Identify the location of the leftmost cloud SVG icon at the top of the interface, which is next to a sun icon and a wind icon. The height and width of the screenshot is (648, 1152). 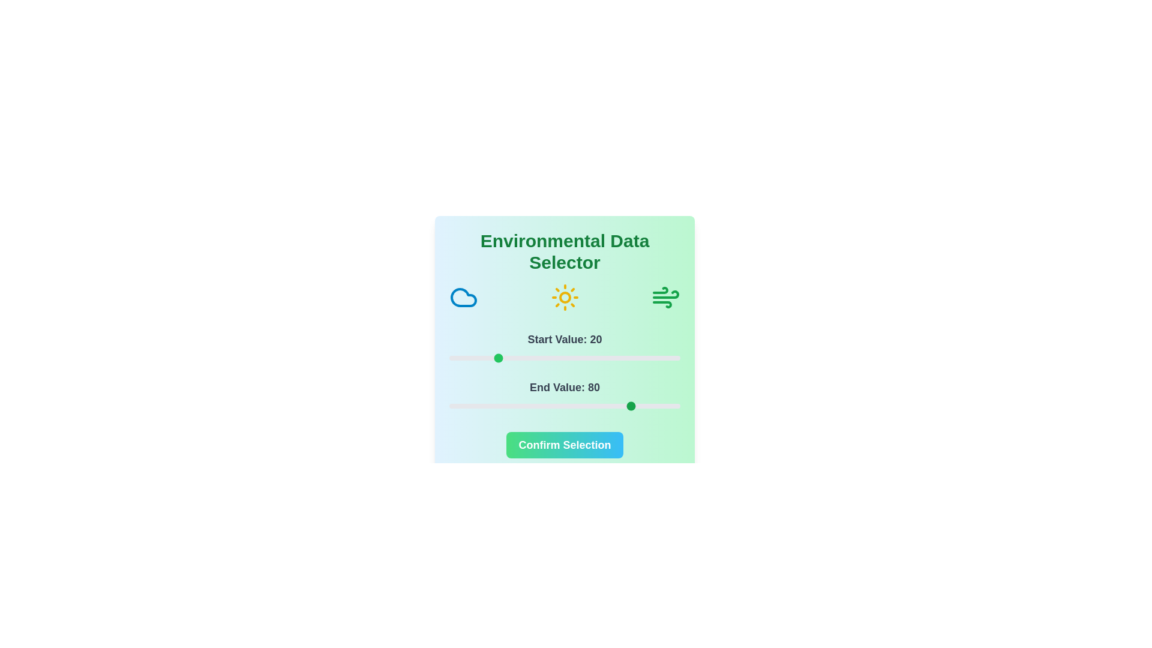
(463, 297).